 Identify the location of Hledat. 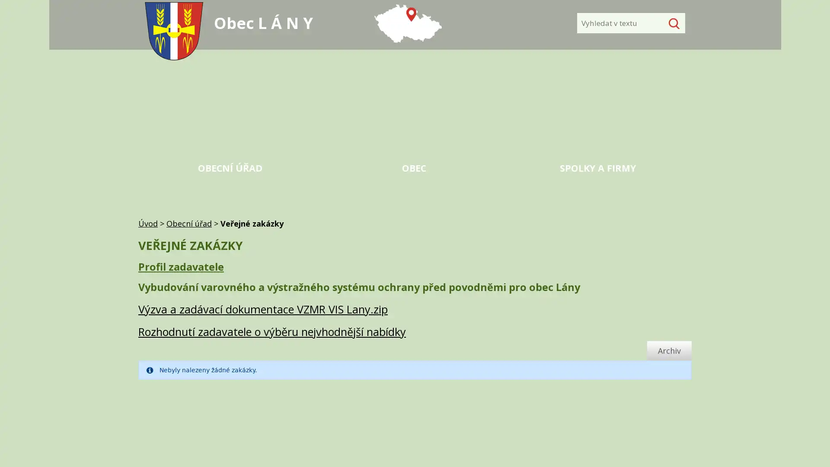
(672, 23).